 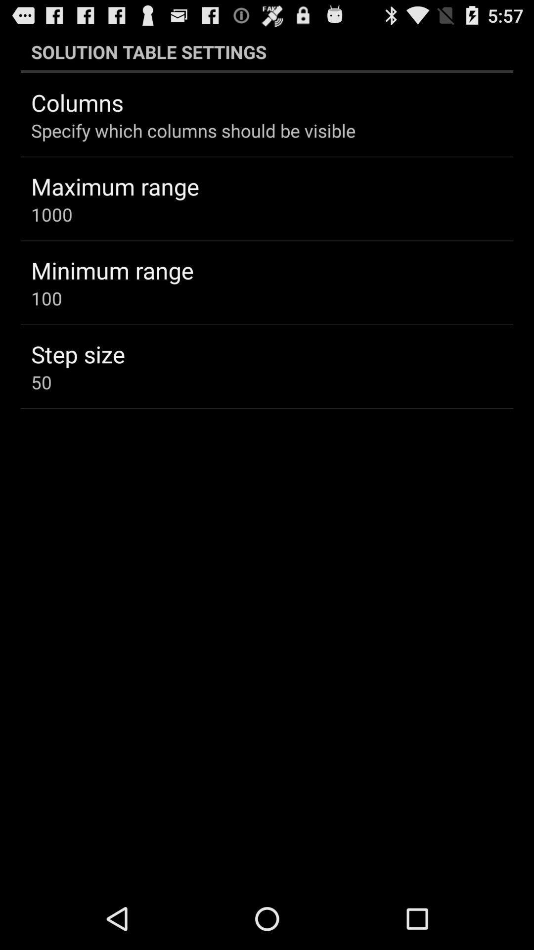 I want to click on app above 1000, so click(x=114, y=186).